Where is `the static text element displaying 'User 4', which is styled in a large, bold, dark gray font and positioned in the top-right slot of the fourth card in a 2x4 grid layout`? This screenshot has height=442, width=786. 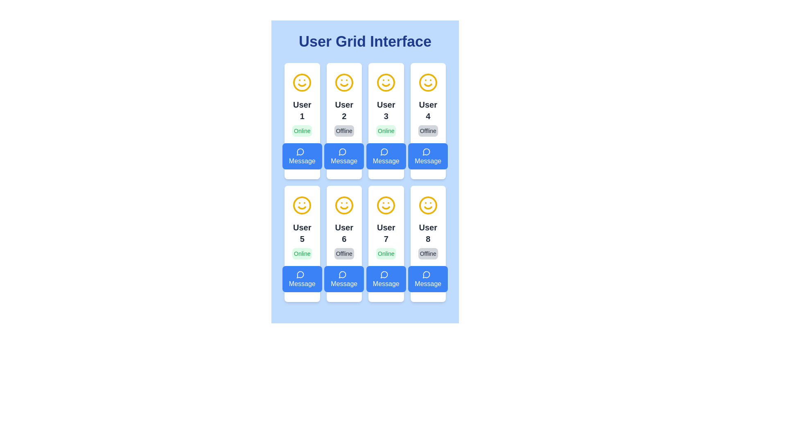 the static text element displaying 'User 4', which is styled in a large, bold, dark gray font and positioned in the top-right slot of the fourth card in a 2x4 grid layout is located at coordinates (427, 110).